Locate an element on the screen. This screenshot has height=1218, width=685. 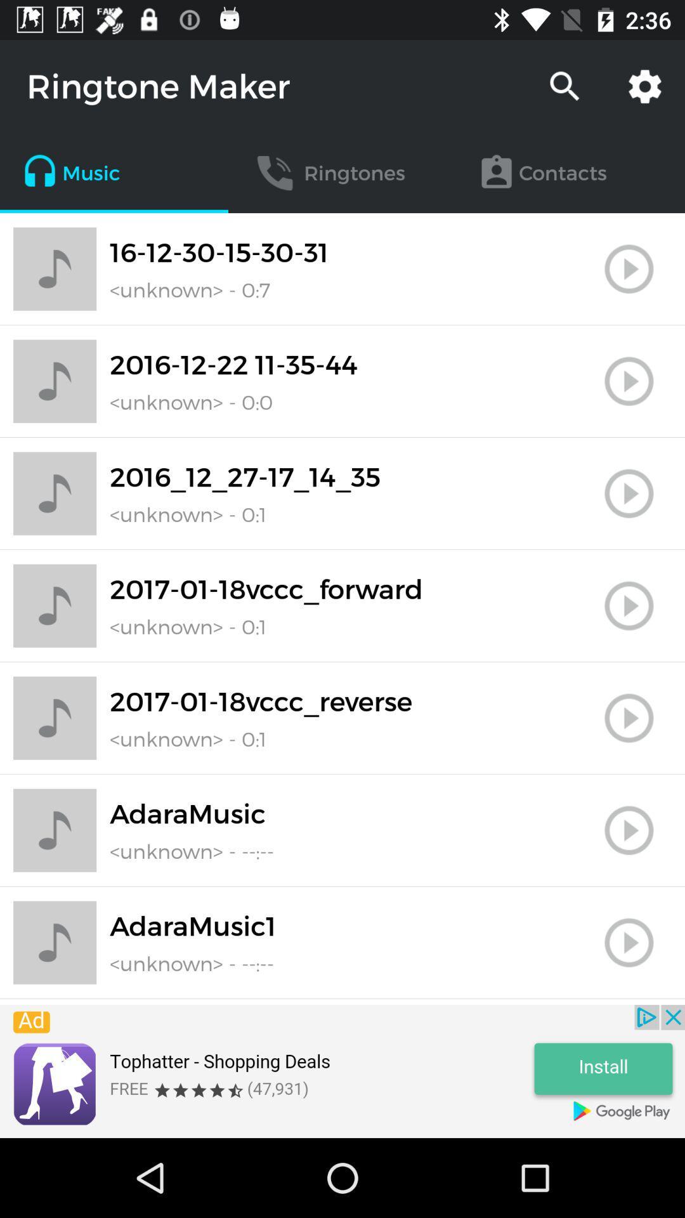
advert is located at coordinates (342, 1071).